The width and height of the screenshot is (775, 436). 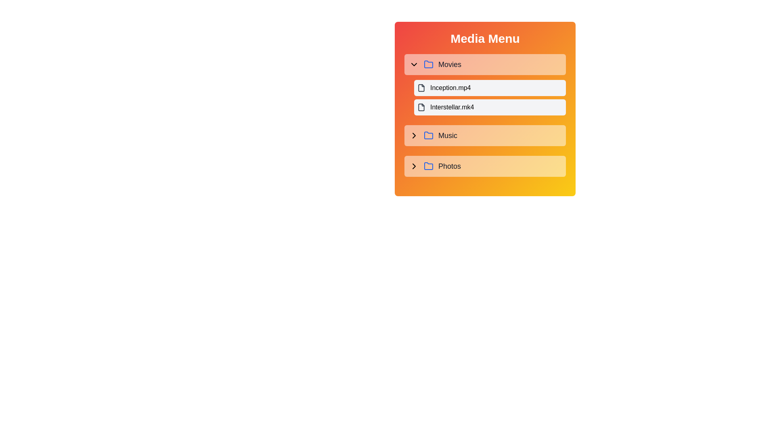 What do you see at coordinates (414, 166) in the screenshot?
I see `the right-pointing arrow icon at the start of the 'Photos' row in the menu` at bounding box center [414, 166].